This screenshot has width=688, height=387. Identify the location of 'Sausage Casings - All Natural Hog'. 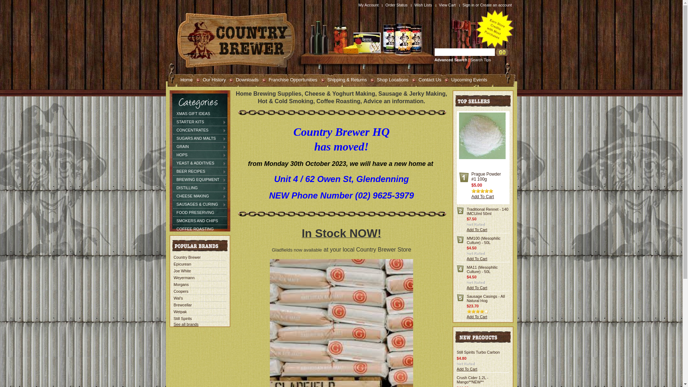
(466, 298).